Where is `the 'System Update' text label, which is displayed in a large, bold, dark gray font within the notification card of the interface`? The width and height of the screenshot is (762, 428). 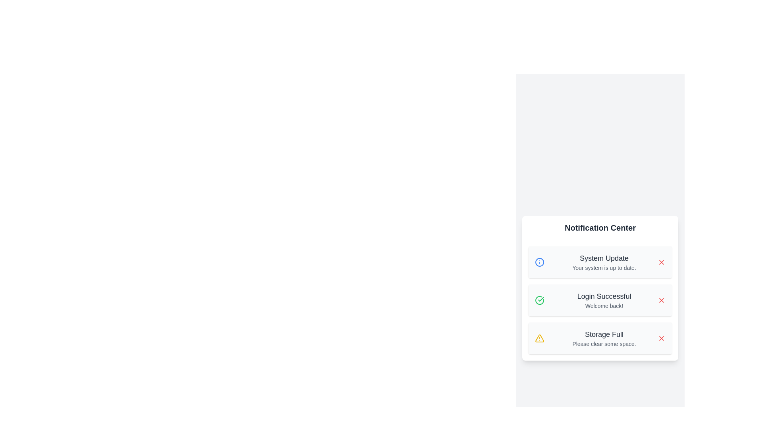 the 'System Update' text label, which is displayed in a large, bold, dark gray font within the notification card of the interface is located at coordinates (604, 258).